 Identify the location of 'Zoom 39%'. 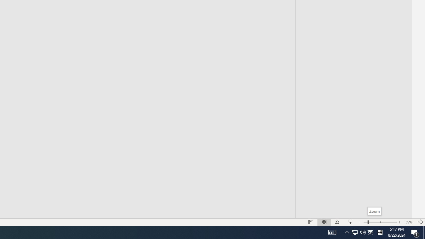
(409, 222).